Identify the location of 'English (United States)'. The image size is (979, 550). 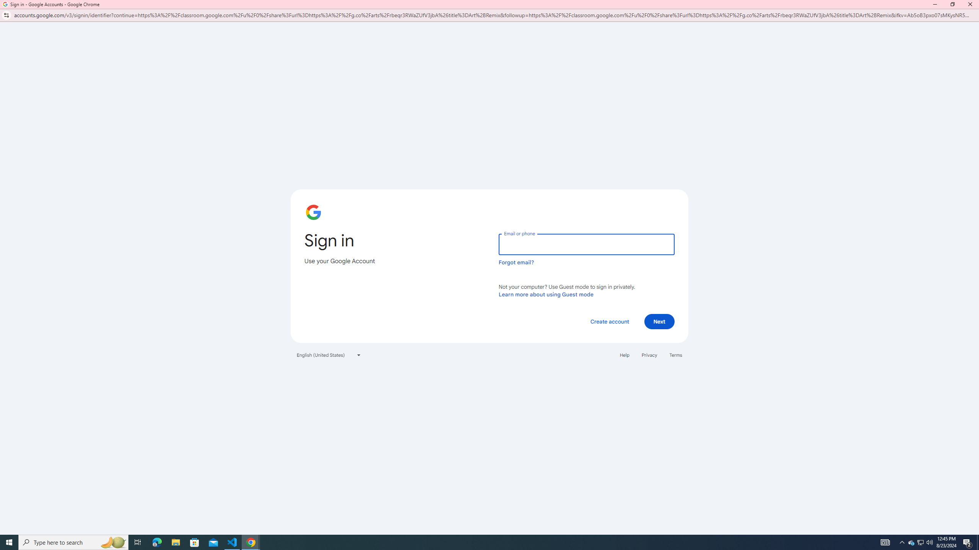
(329, 355).